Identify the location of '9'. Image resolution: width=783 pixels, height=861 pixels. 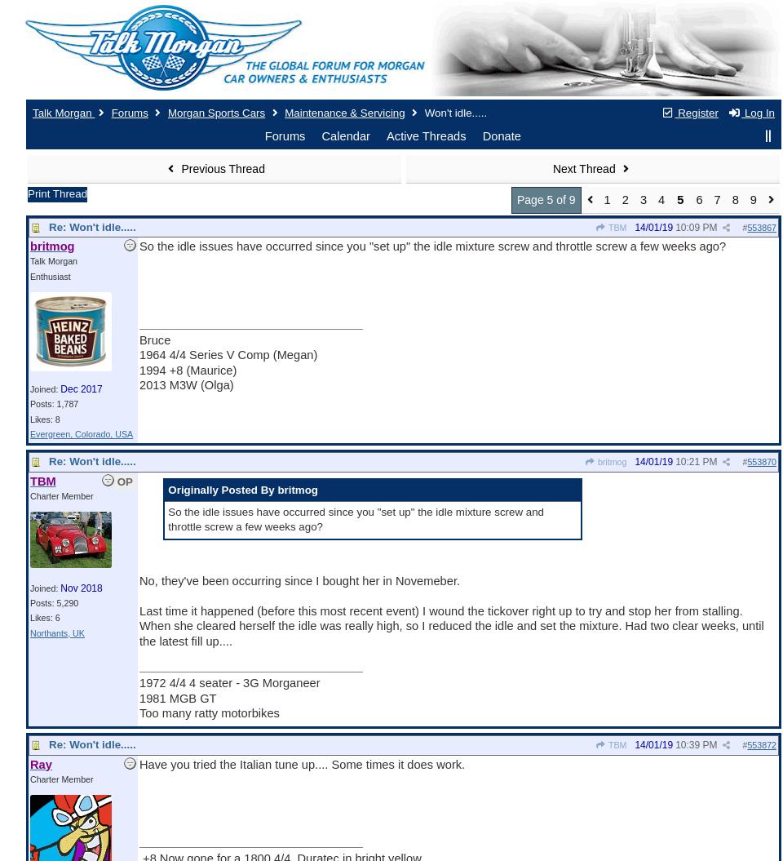
(753, 199).